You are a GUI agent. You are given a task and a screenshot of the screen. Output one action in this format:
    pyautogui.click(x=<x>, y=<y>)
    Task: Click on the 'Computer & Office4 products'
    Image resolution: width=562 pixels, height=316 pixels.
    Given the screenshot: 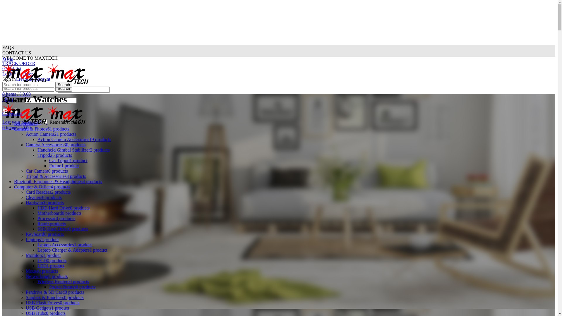 What is the action you would take?
    pyautogui.click(x=42, y=187)
    